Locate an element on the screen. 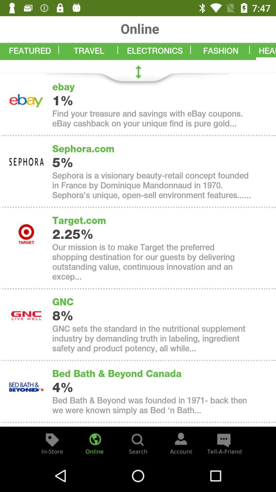 Image resolution: width=276 pixels, height=492 pixels. the chat icon is located at coordinates (223, 443).